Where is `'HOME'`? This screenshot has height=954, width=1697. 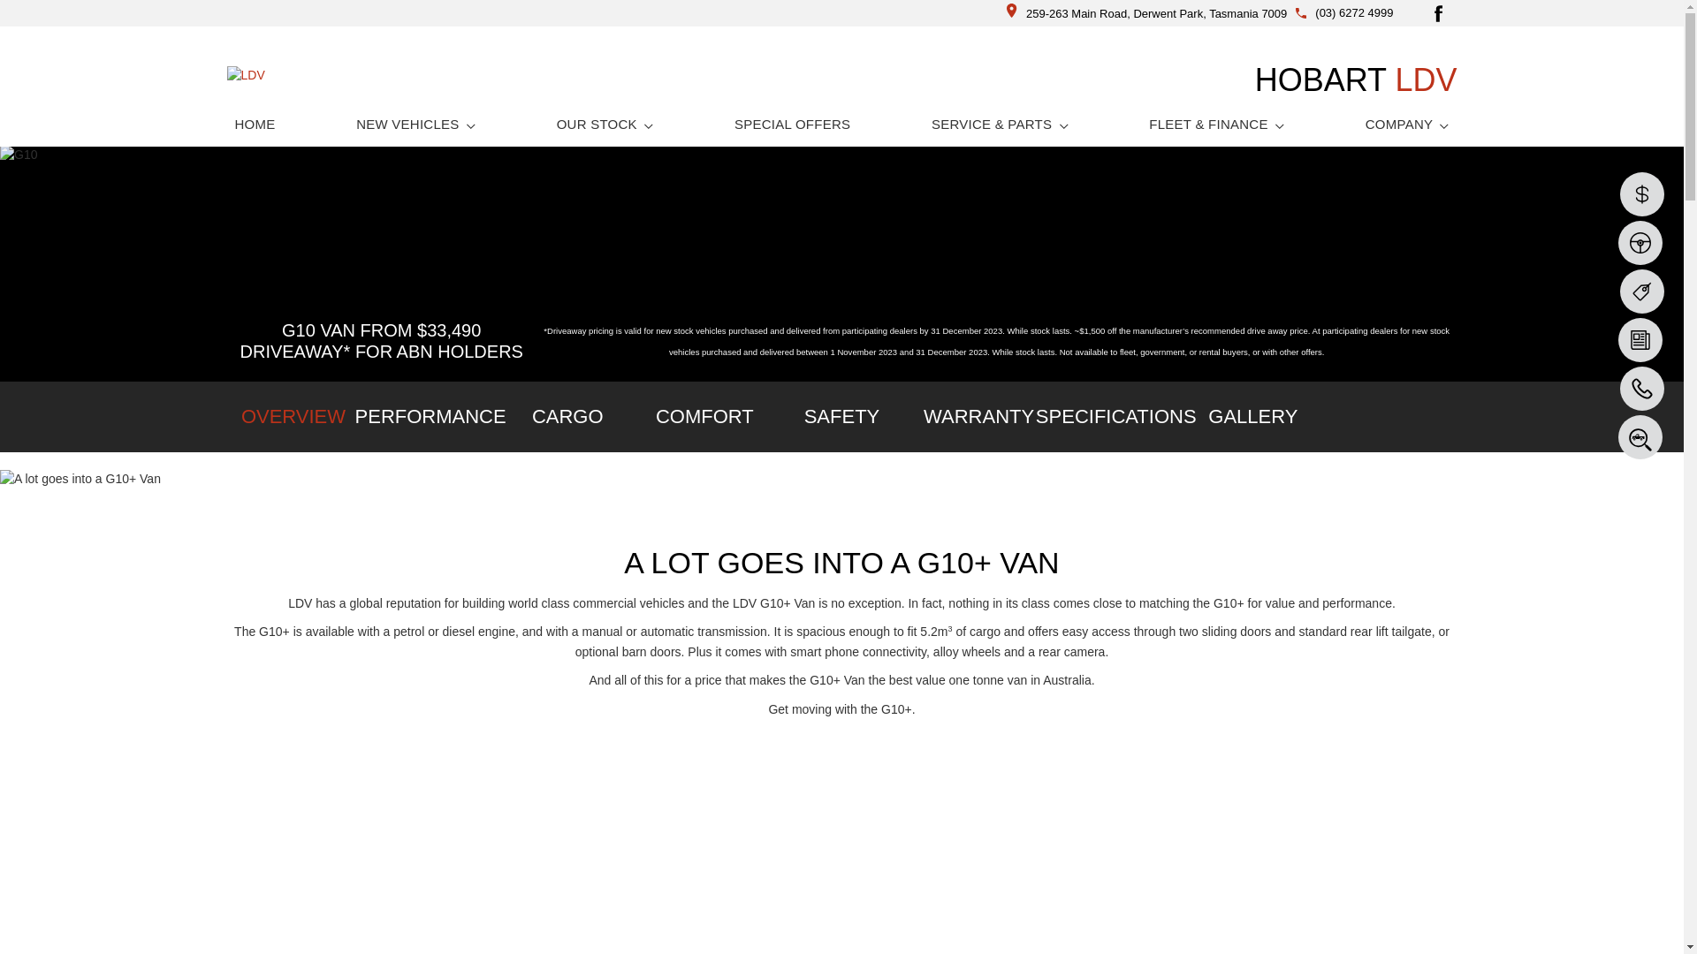
'HOME' is located at coordinates (254, 123).